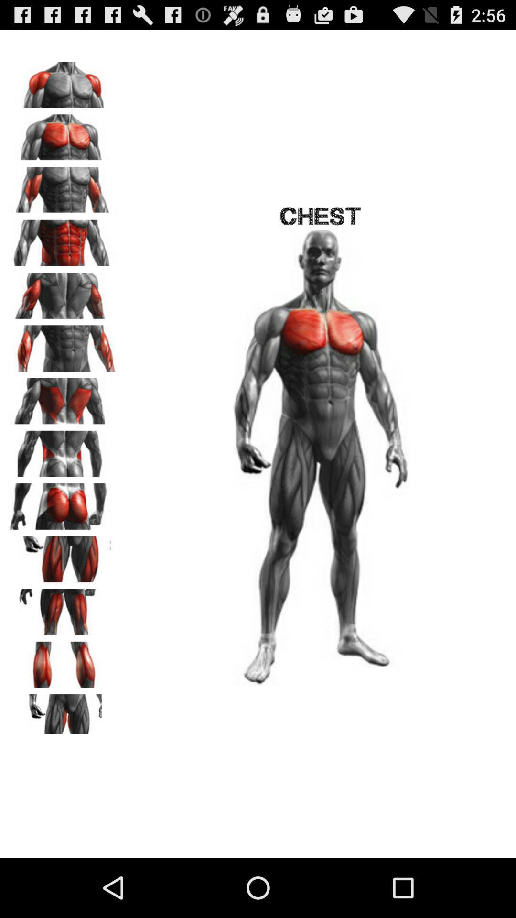  Describe the element at coordinates (63, 81) in the screenshot. I see `part to highlight` at that location.